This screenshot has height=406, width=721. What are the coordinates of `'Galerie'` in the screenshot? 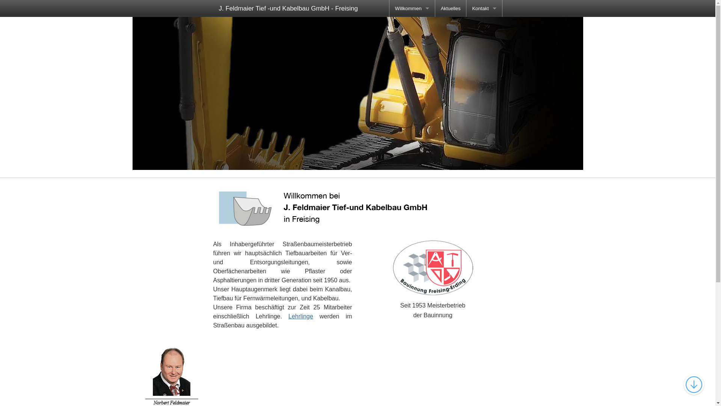 It's located at (412, 59).